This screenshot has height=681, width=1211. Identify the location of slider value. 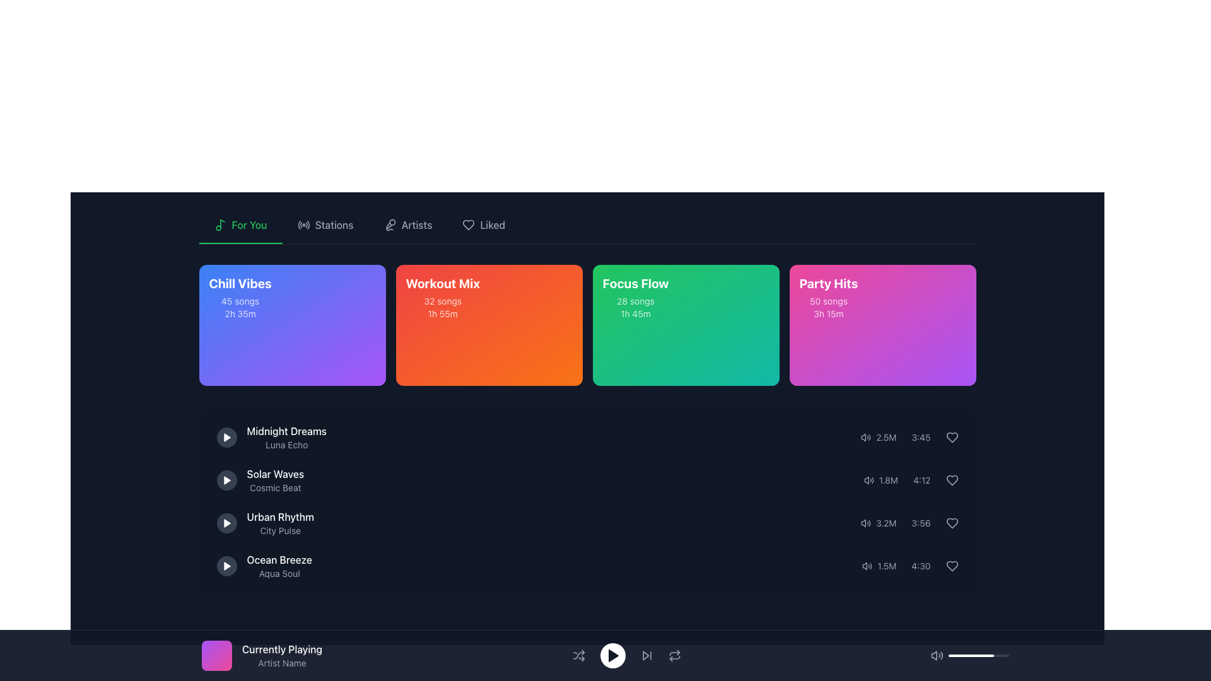
(950, 655).